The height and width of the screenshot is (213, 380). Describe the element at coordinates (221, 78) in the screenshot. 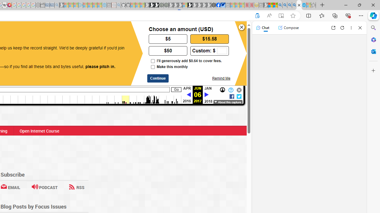

I see `'Remind Me'` at that location.